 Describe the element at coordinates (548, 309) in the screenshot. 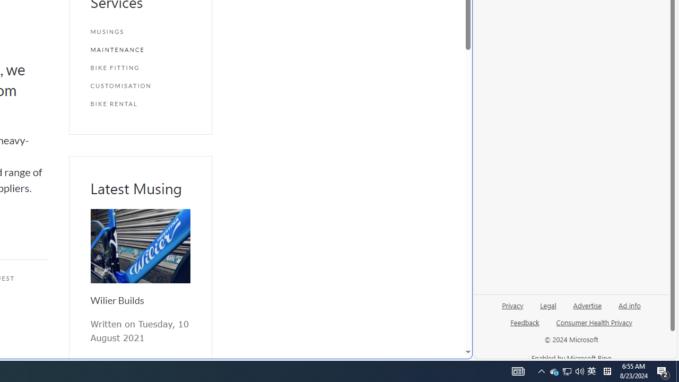

I see `'Legal'` at that location.